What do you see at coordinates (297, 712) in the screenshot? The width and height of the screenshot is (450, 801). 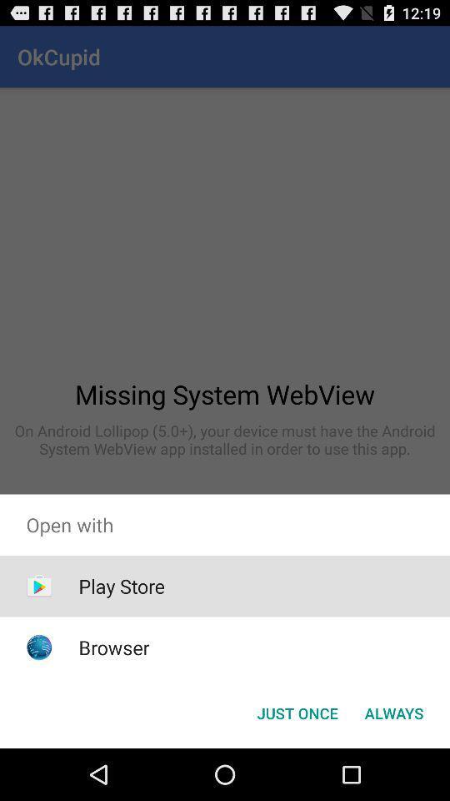 I see `the app below the open with app` at bounding box center [297, 712].